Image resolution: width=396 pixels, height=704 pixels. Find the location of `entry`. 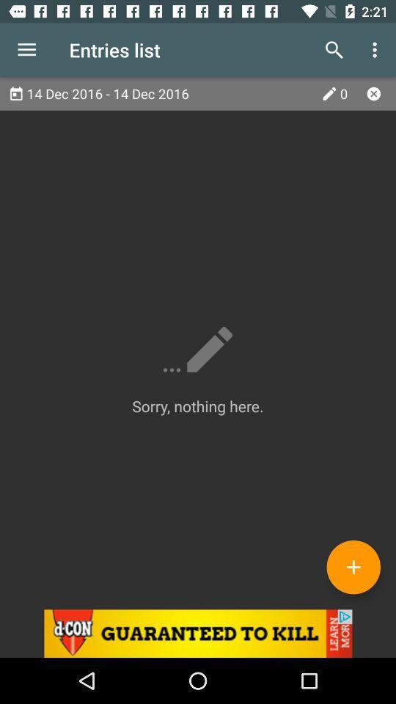

entry is located at coordinates (353, 566).